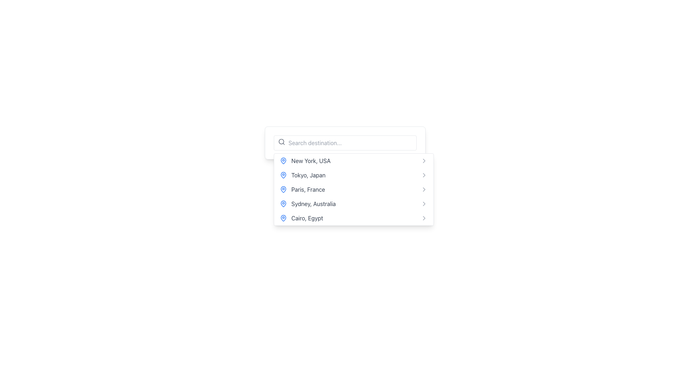  I want to click on the dropdown menu item displaying 'Sydney, Australia', so click(313, 204).